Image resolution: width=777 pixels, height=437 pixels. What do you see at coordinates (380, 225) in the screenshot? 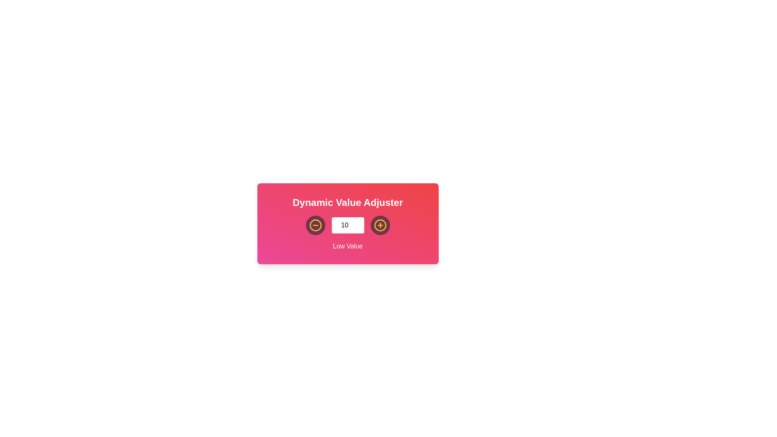
I see `the circular icon with a yellow outline and '+' design, which is part of the button located on the left side of the value adjuster interface` at bounding box center [380, 225].